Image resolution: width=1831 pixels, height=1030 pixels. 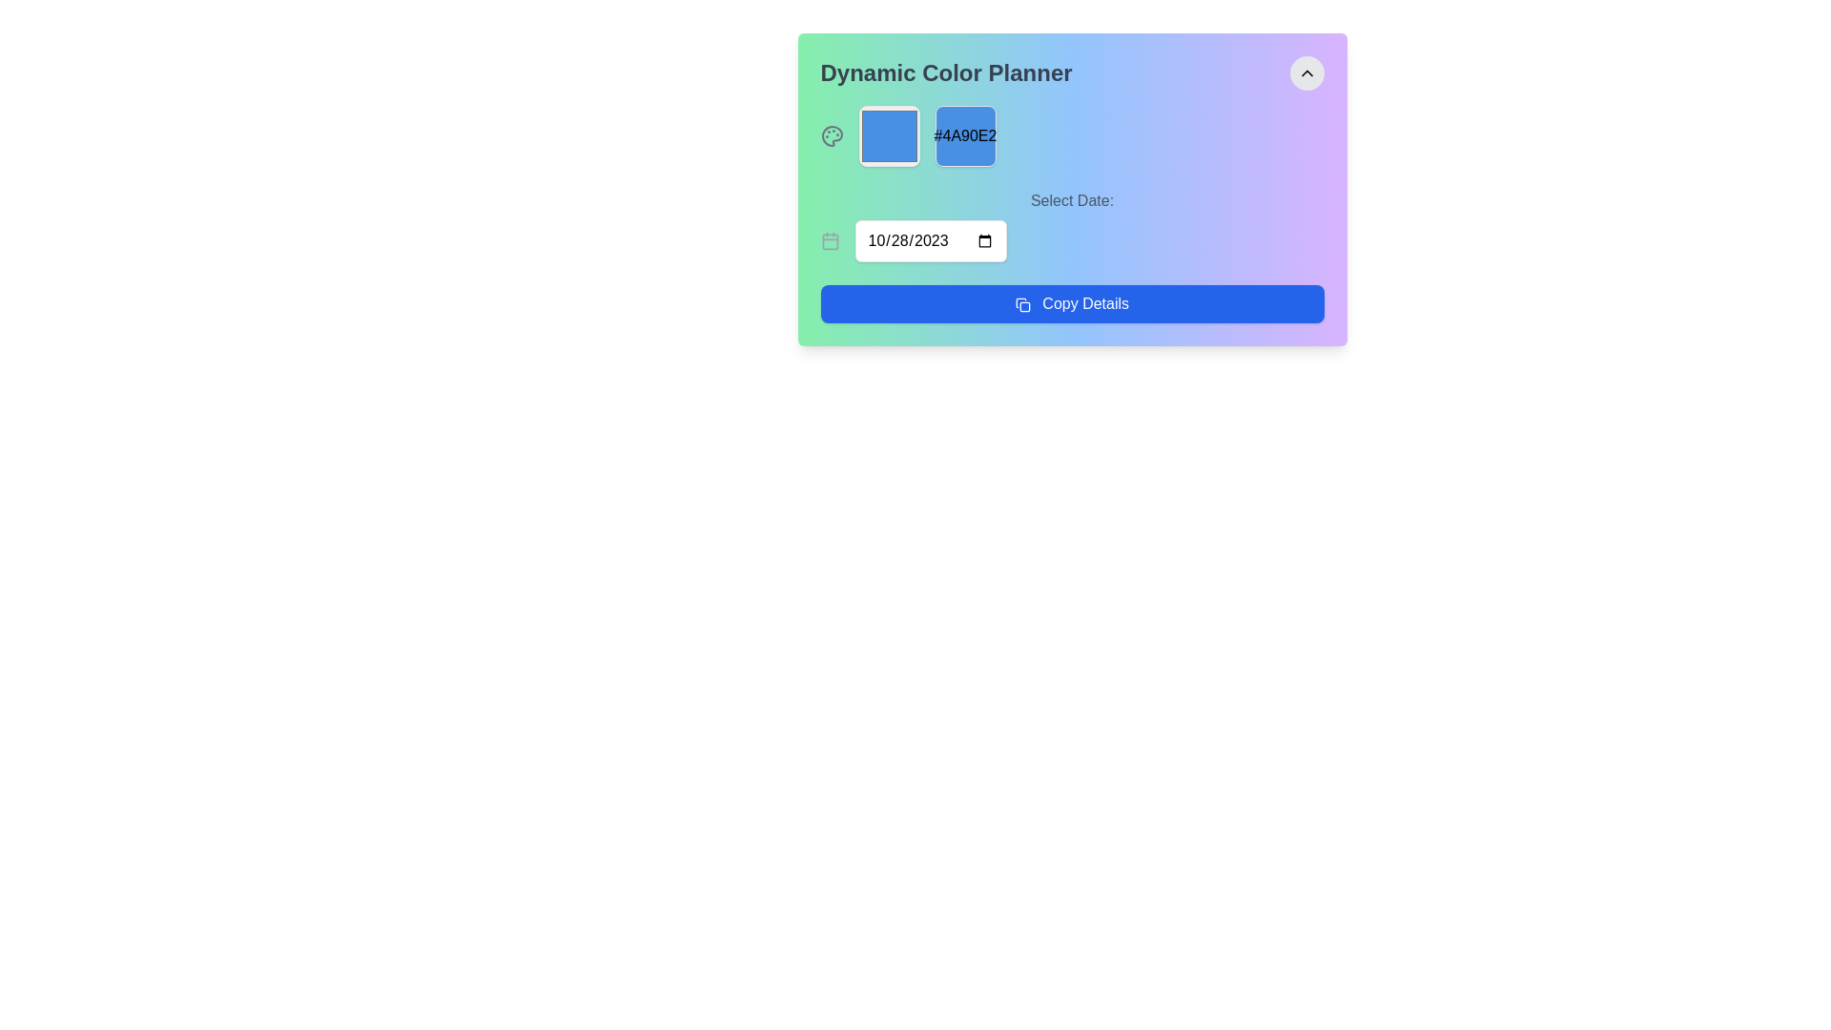 I want to click on the upward arrow symbol inside the circular button located at the top-right corner of the interface, so click(x=1306, y=72).